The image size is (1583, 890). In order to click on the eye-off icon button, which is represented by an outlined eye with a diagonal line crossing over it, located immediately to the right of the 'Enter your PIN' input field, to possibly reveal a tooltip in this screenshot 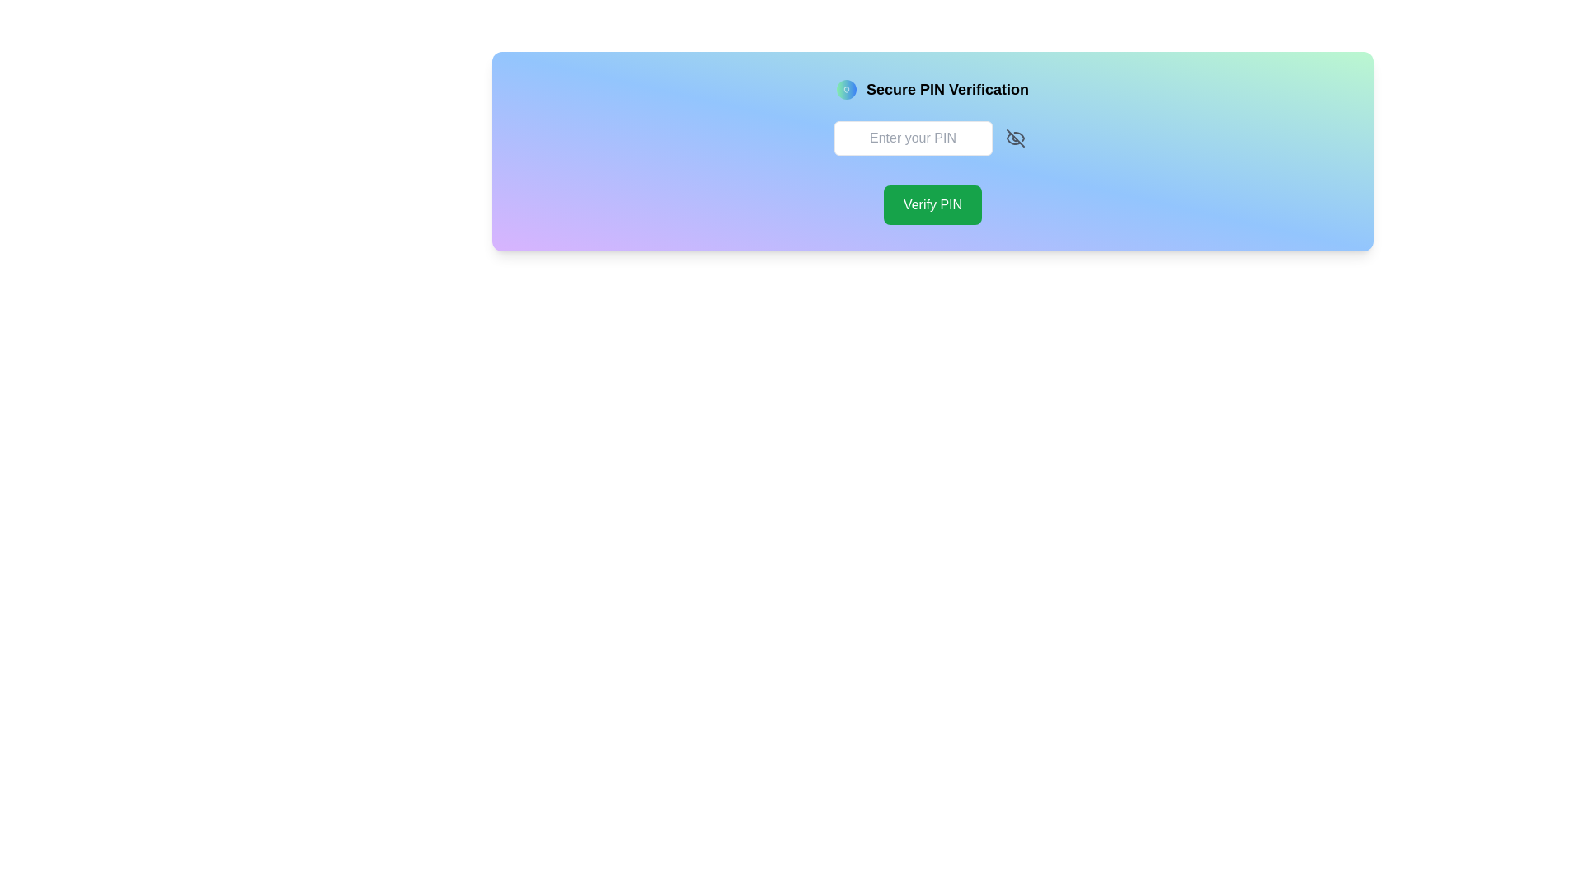, I will do `click(1014, 138)`.